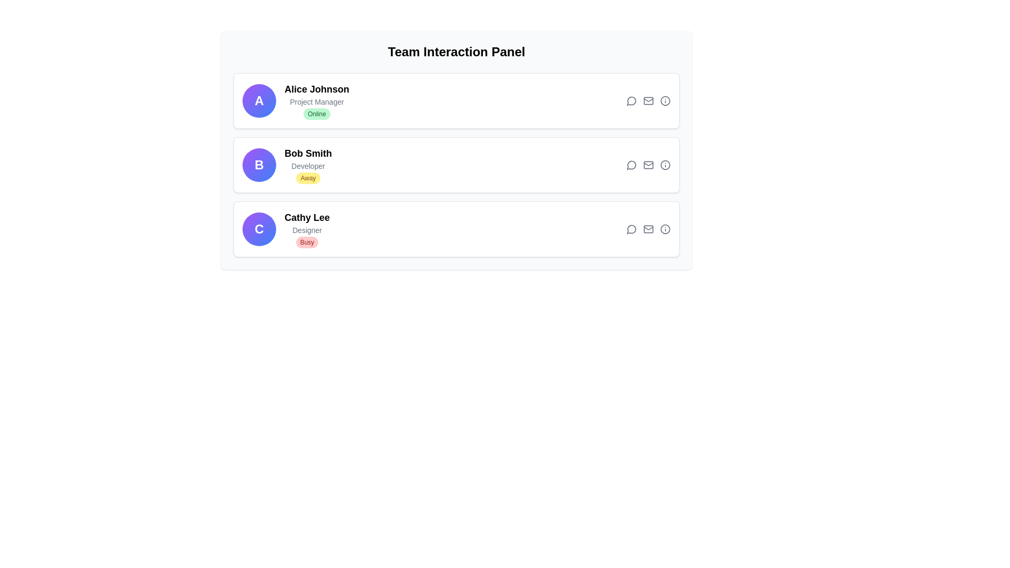  Describe the element at coordinates (457, 228) in the screenshot. I see `the interactive profile card of the user in the team interaction panel, which is the third element in the vertical list showing user details` at that location.